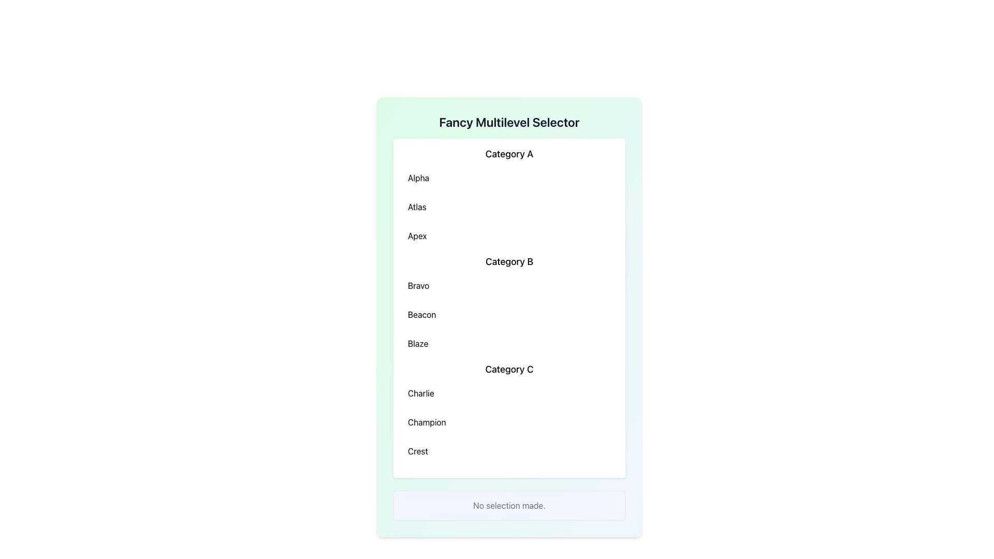  What do you see at coordinates (418, 285) in the screenshot?
I see `the text label displaying 'Bravo', which is the first entry under 'Category B' in the multi-level selector interface` at bounding box center [418, 285].